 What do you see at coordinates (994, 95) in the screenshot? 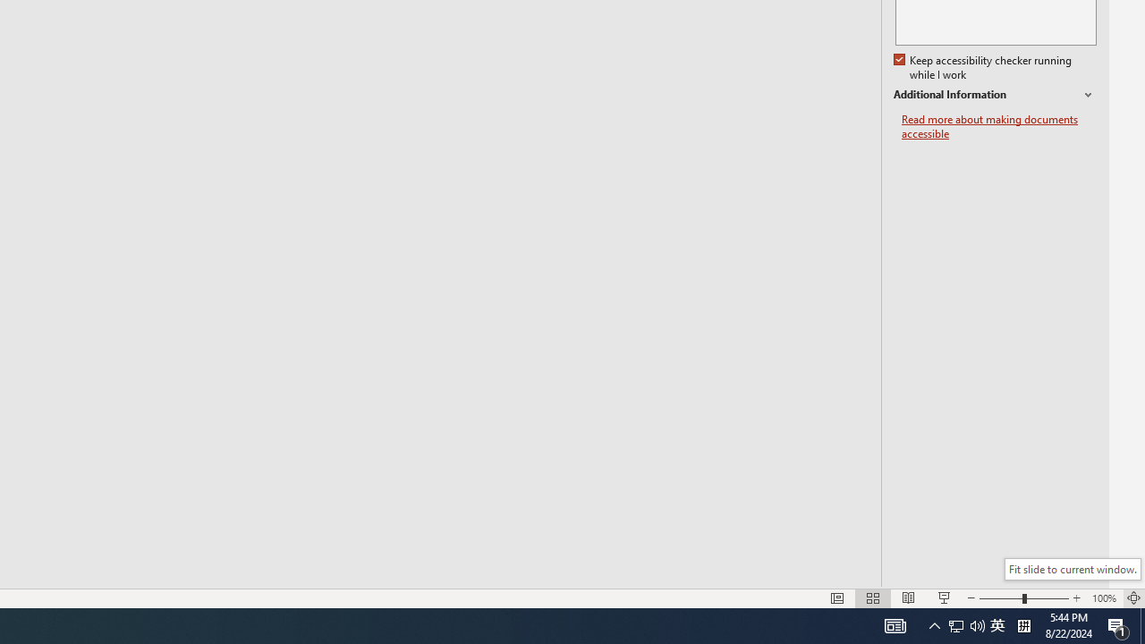
I see `'Additional Information'` at bounding box center [994, 95].